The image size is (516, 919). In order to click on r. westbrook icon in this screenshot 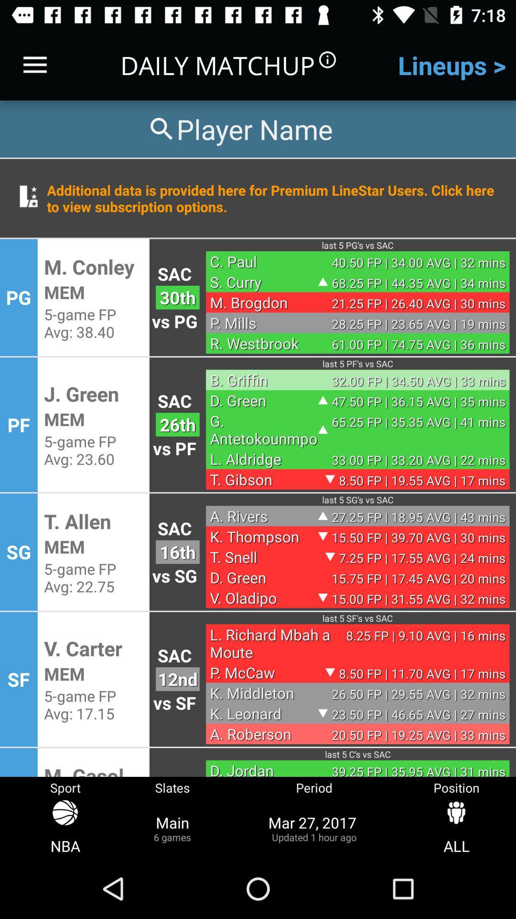, I will do `click(264, 343)`.